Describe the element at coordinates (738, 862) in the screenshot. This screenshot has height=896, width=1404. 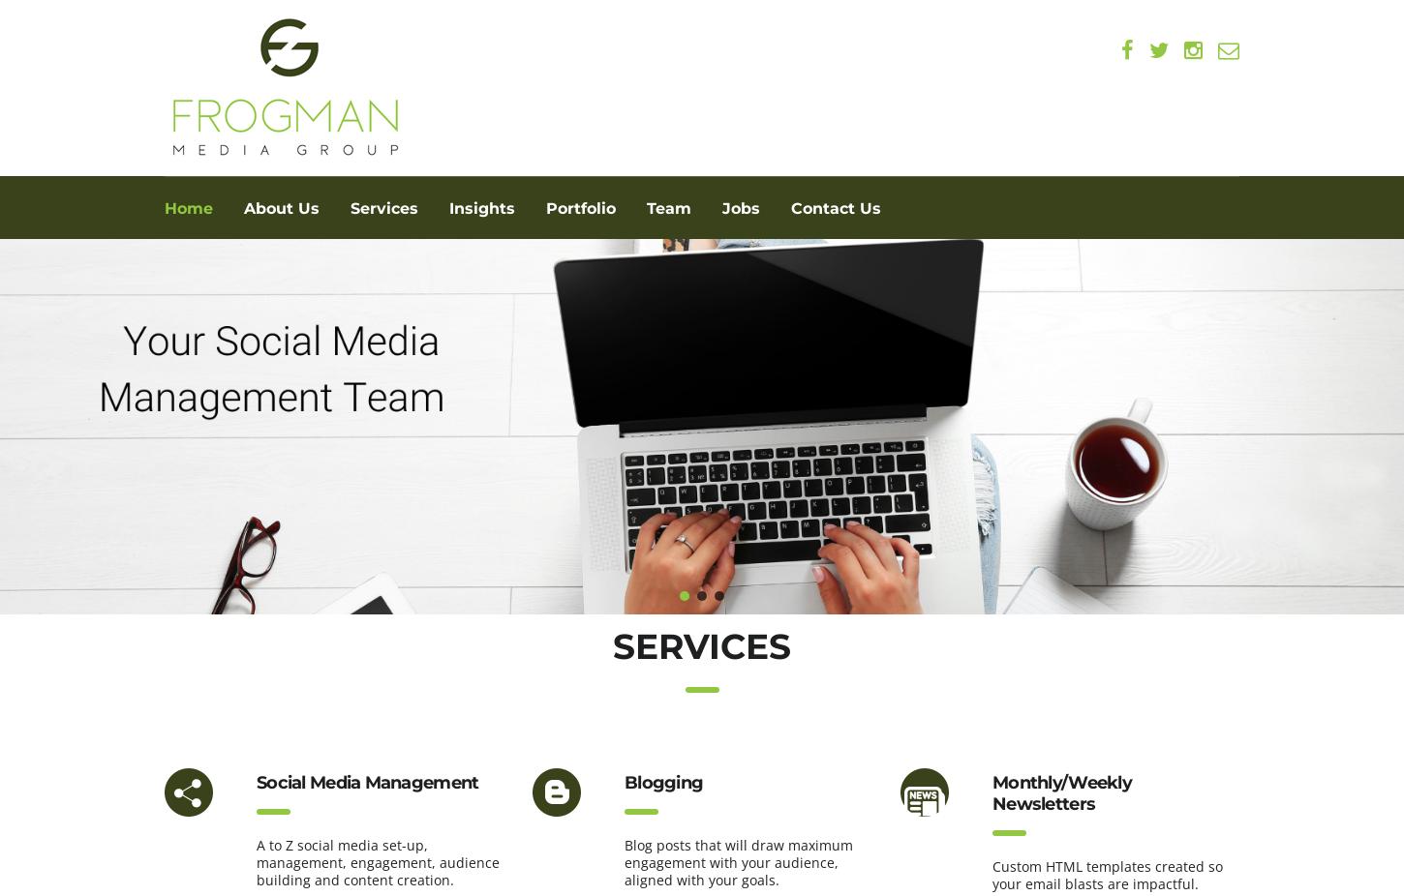
I see `'Blog posts that will draw maximum engagement with your audience, aligned with your goals.'` at that location.